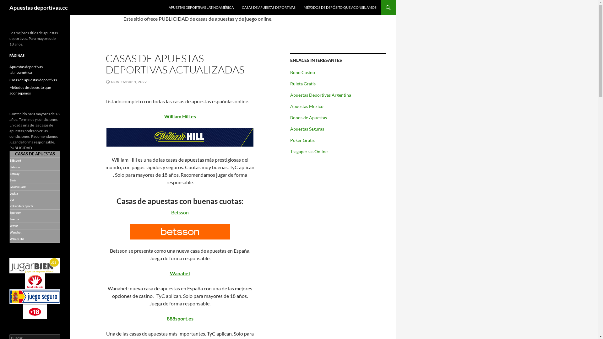  Describe the element at coordinates (21, 206) in the screenshot. I see `'PokerStars Sports'` at that location.